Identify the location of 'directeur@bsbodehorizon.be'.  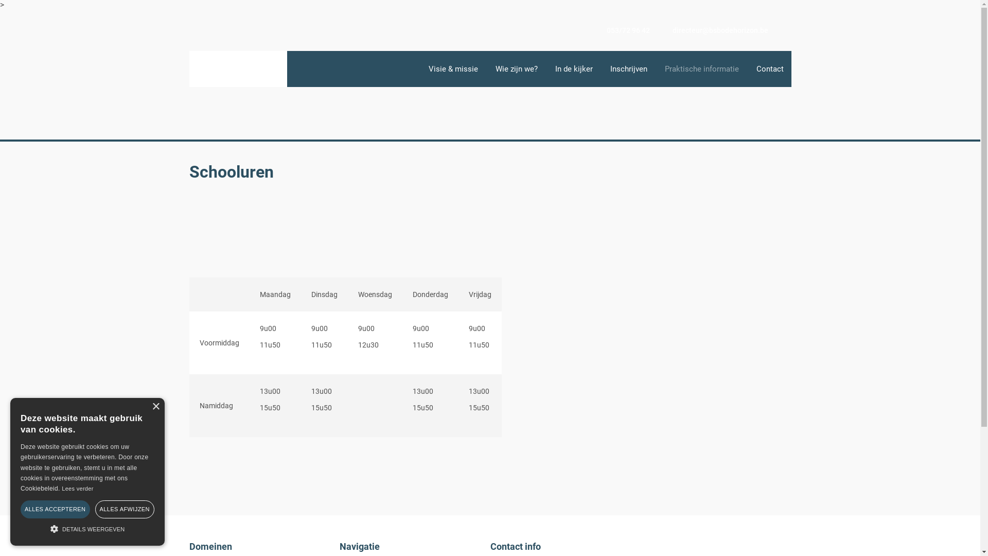
(651, 29).